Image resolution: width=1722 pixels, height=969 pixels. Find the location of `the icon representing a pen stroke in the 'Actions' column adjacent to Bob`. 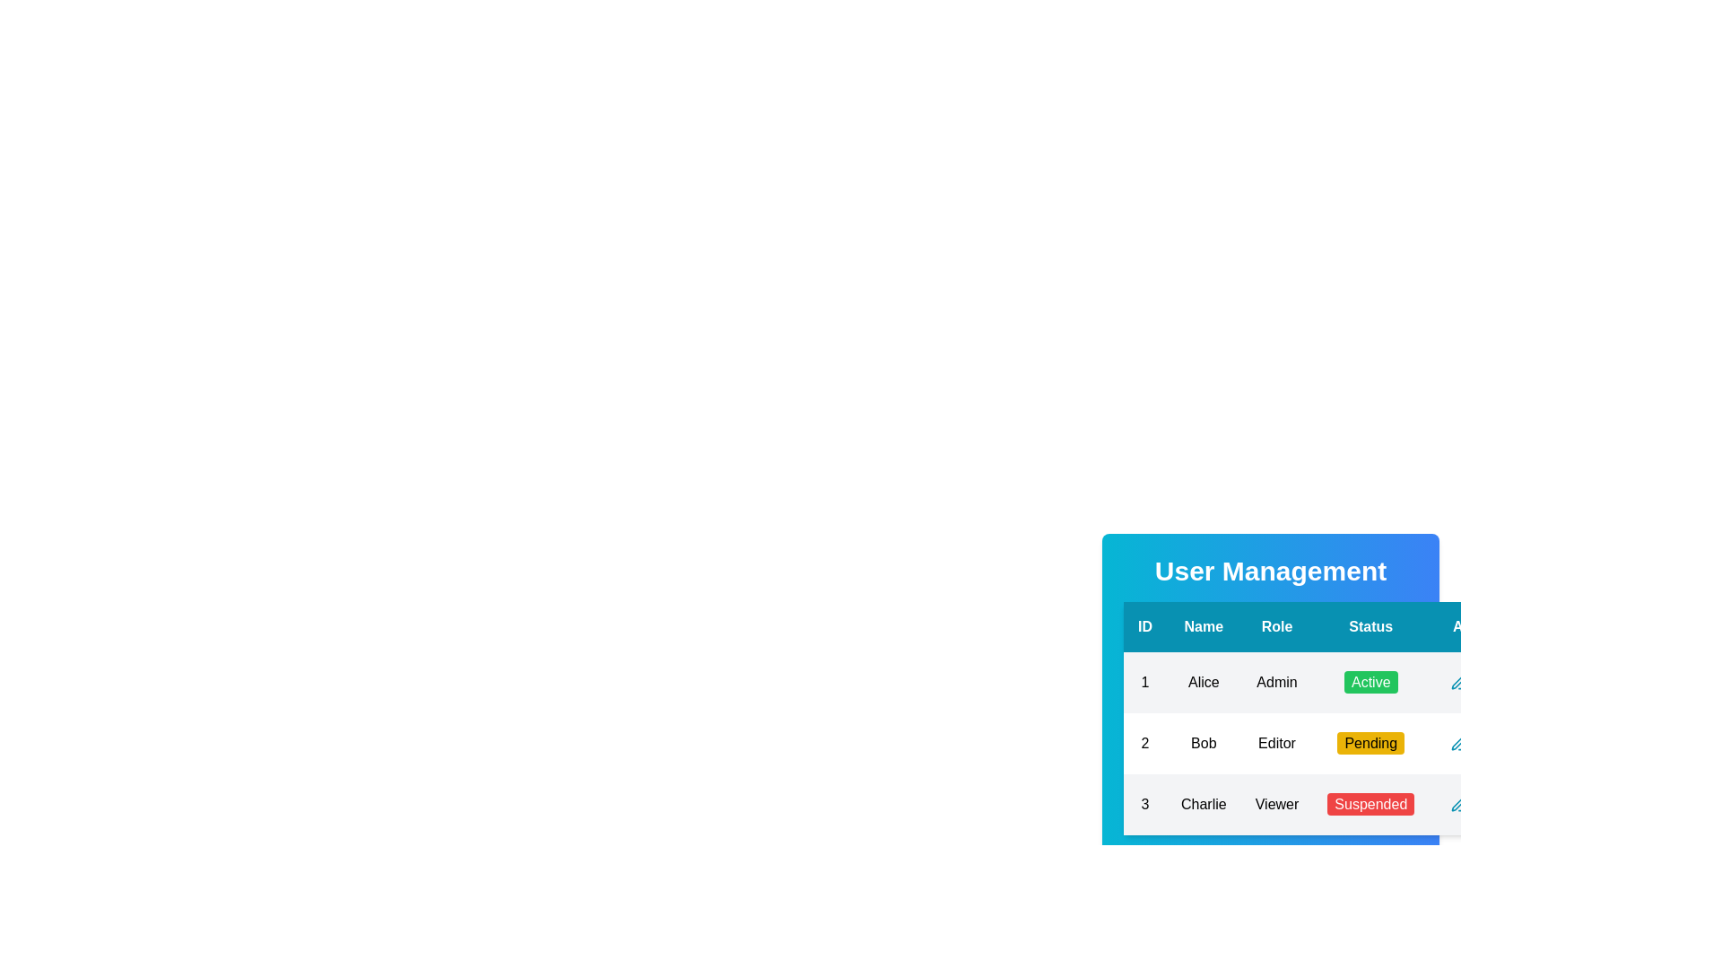

the icon representing a pen stroke in the 'Actions' column adjacent to Bob is located at coordinates (1458, 803).